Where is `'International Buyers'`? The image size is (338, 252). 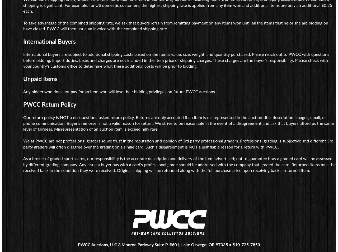 'International Buyers' is located at coordinates (49, 42).